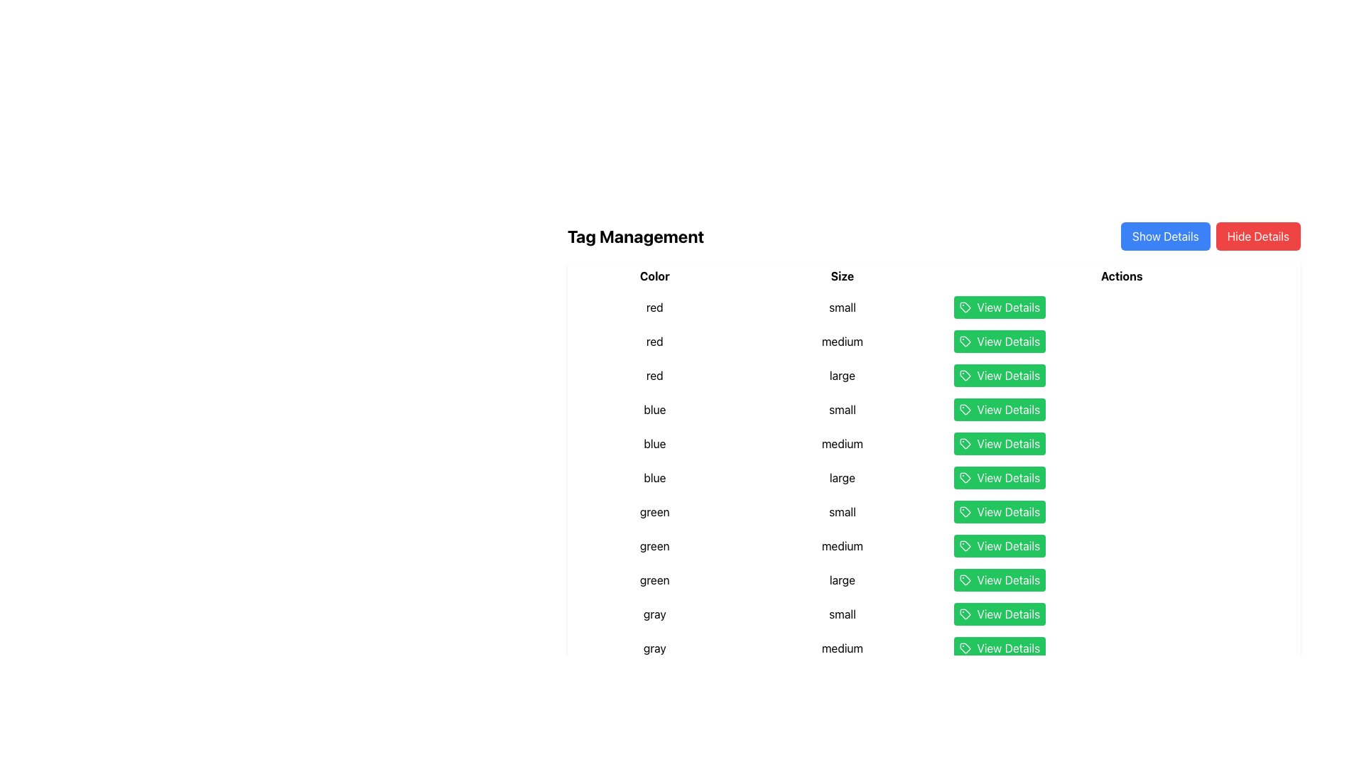 Image resolution: width=1364 pixels, height=767 pixels. I want to click on the SVG icon resembling a tag symbol with a green background, located within the 'View Details' button at the bottom of the 'Actions' column in the table, so click(965, 648).